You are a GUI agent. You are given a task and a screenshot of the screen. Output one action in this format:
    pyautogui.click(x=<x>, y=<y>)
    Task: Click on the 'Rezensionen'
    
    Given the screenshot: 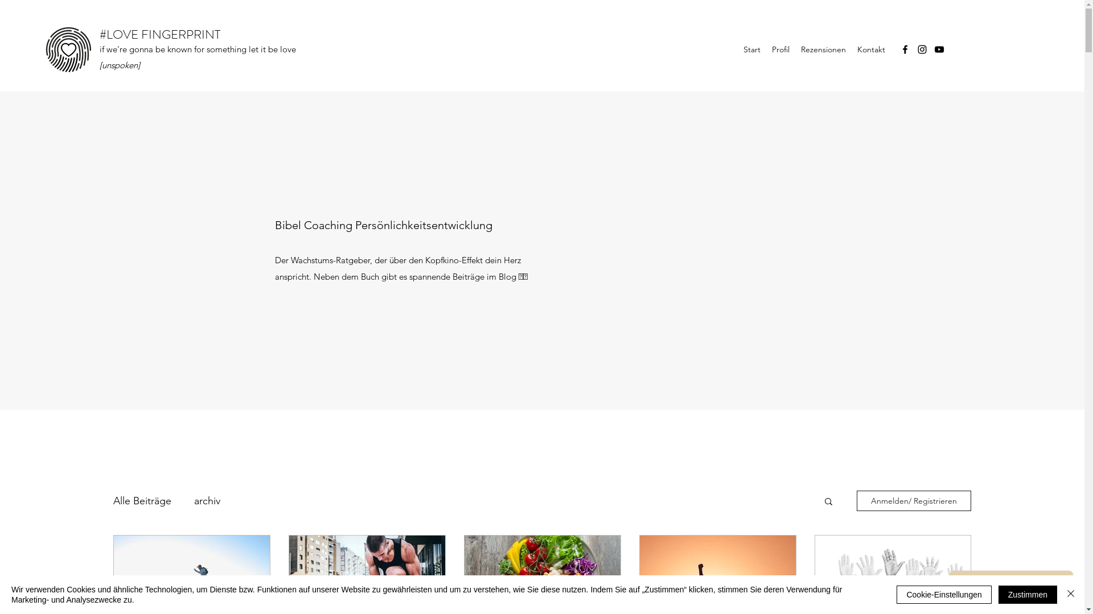 What is the action you would take?
    pyautogui.click(x=823, y=49)
    